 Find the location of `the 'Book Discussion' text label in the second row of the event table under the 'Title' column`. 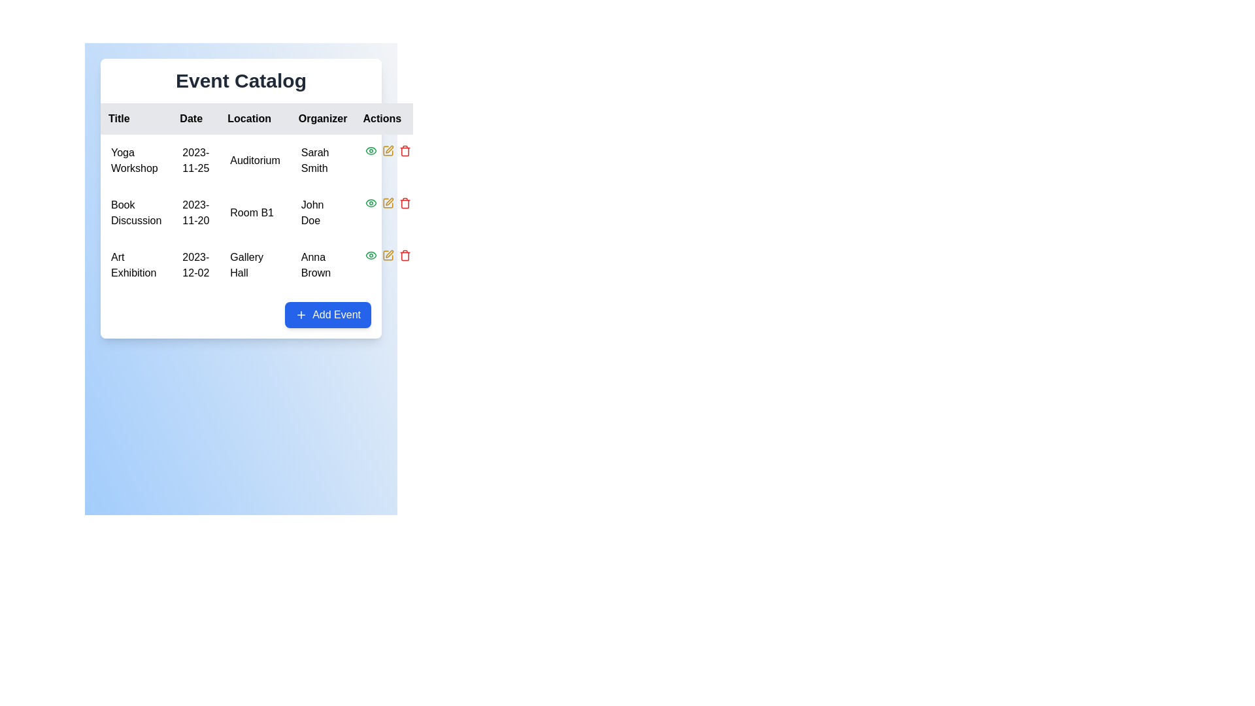

the 'Book Discussion' text label in the second row of the event table under the 'Title' column is located at coordinates (136, 212).